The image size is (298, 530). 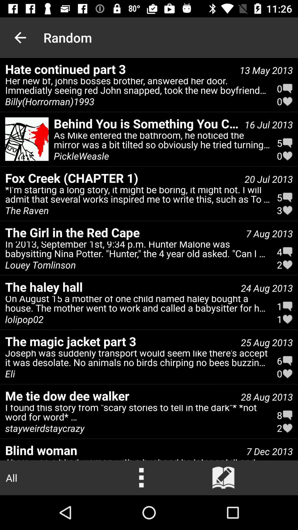 What do you see at coordinates (137, 360) in the screenshot?
I see `joseph was suddenly icon` at bounding box center [137, 360].